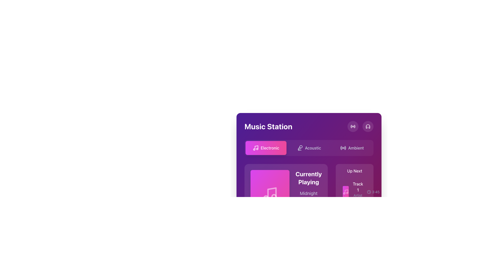 The image size is (480, 270). Describe the element at coordinates (300, 146) in the screenshot. I see `the decorative circle element within the microphone vocal icon, positioned near the 'Acoustic' label in the music filters list` at that location.